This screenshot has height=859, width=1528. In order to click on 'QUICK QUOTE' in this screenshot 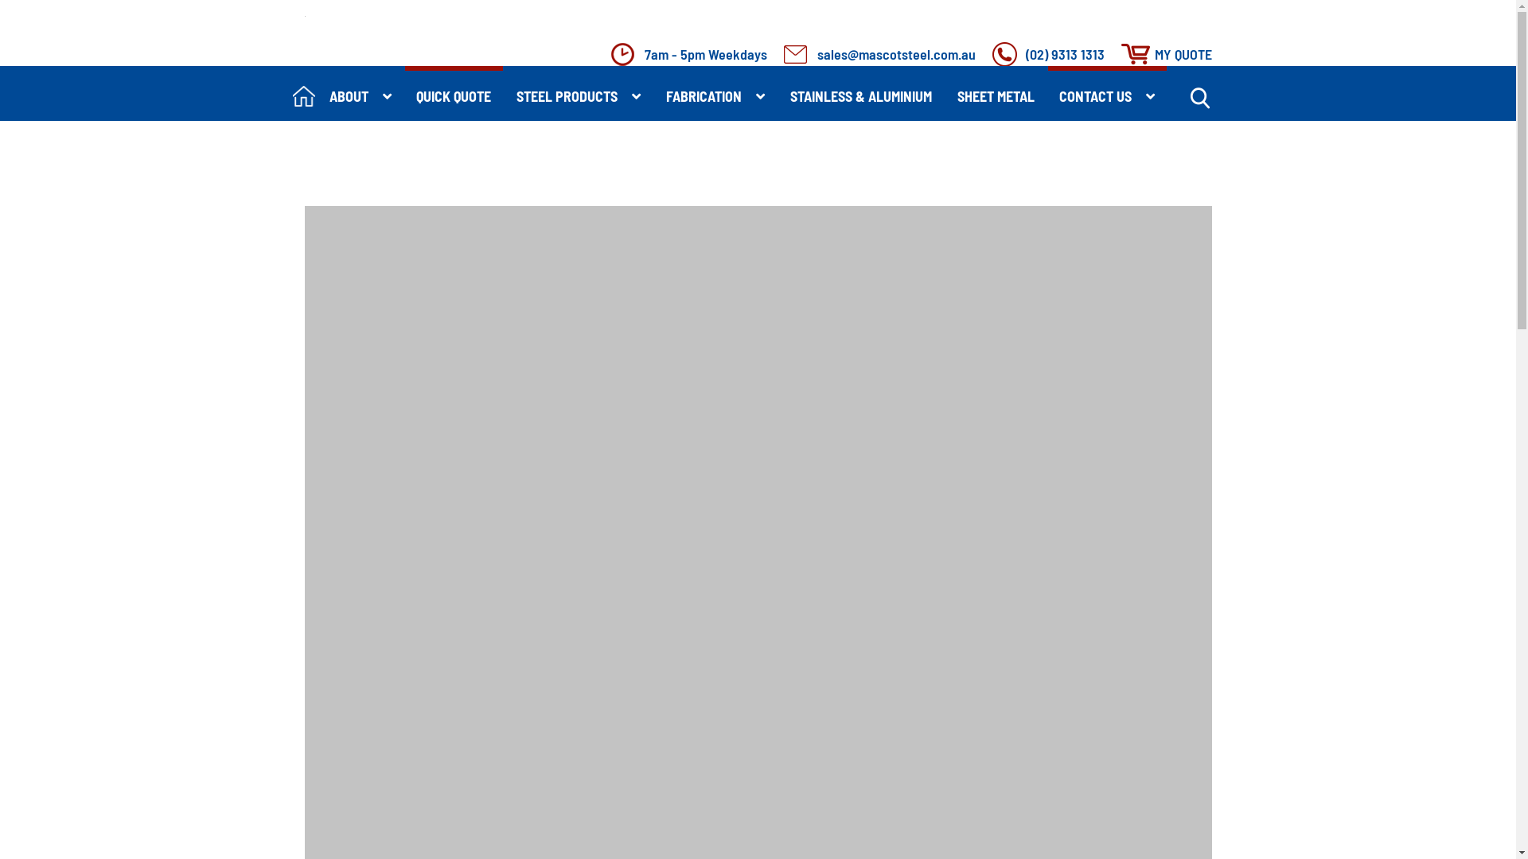, I will do `click(453, 93)`.